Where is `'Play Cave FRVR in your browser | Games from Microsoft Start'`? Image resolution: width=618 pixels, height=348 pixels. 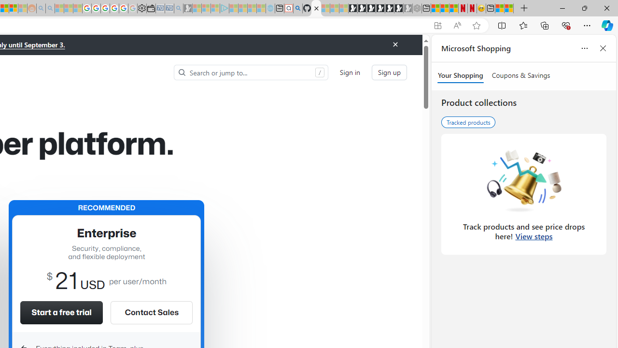 'Play Cave FRVR in your browser | Games from Microsoft Start' is located at coordinates (371, 8).